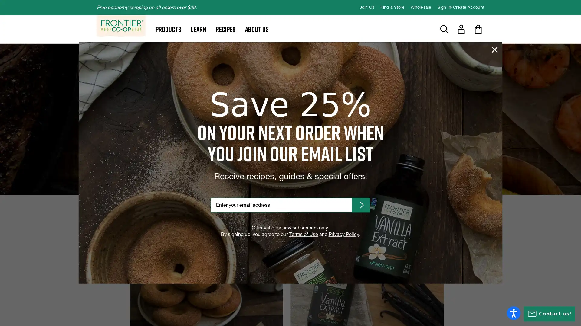 The height and width of the screenshot is (326, 581). I want to click on Learn, so click(199, 29).